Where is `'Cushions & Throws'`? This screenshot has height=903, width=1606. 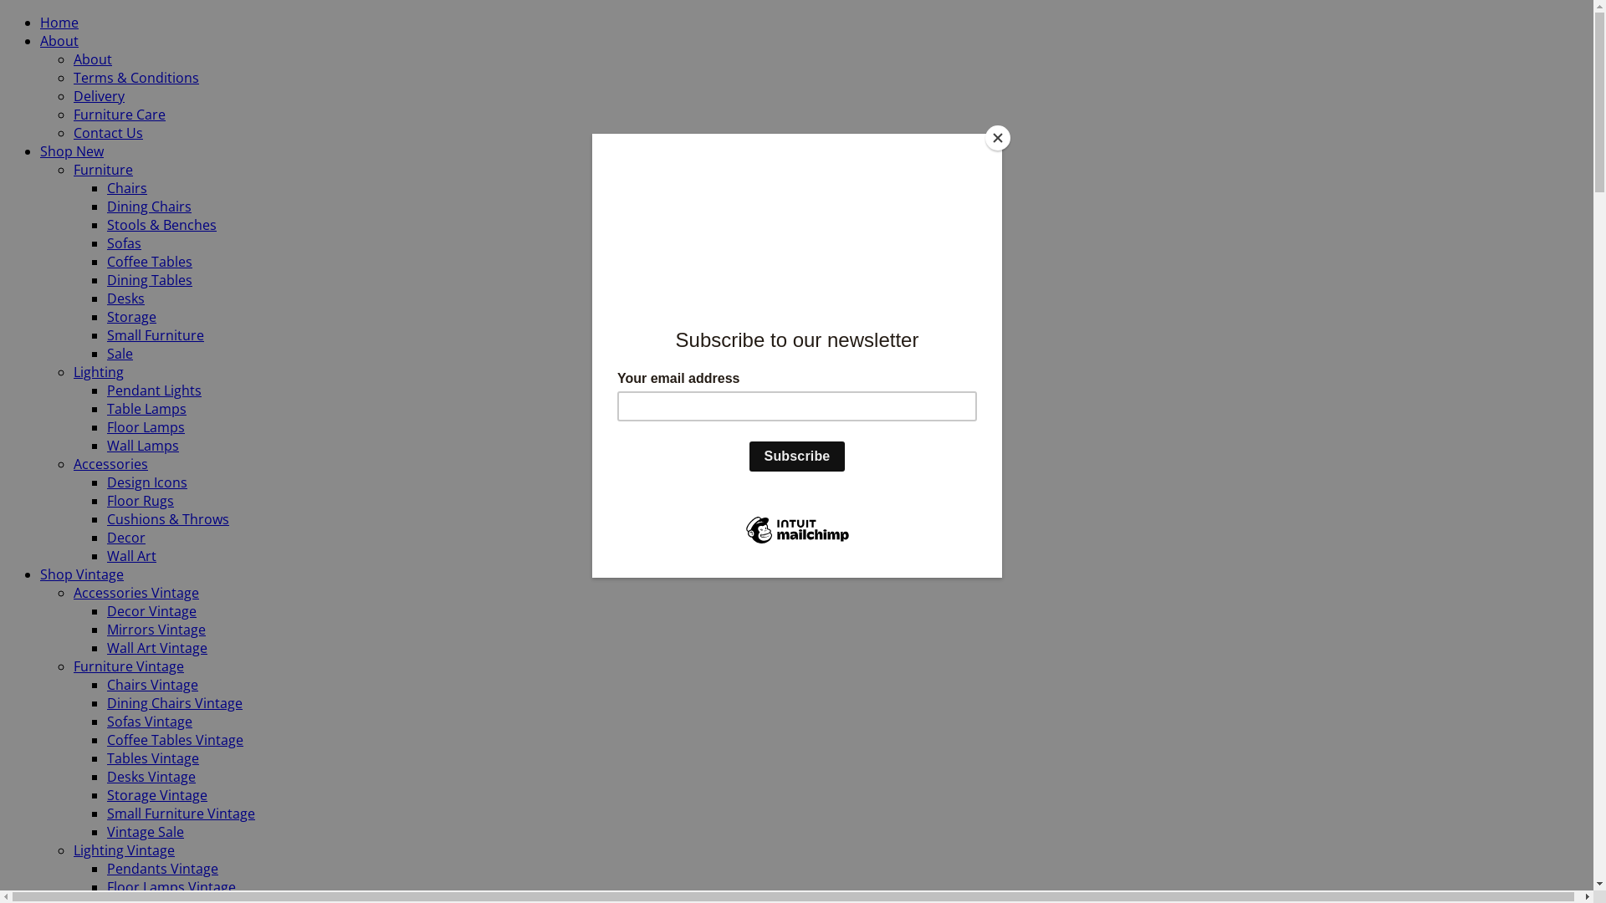
'Cushions & Throws' is located at coordinates (168, 518).